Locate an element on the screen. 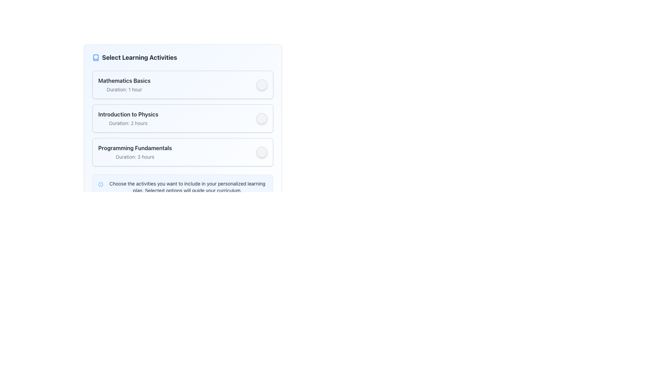  the button associated with the 'Introduction to Physics' learning activity is located at coordinates (262, 118).